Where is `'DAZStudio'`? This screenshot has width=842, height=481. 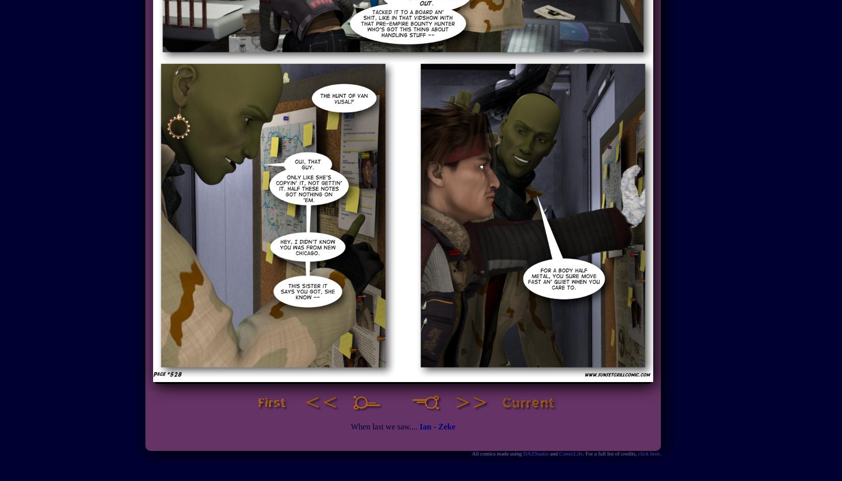 'DAZStudio' is located at coordinates (536, 453).